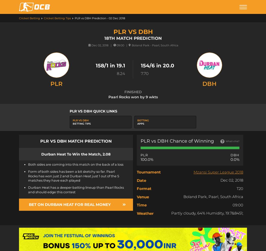  I want to click on 'T20', so click(239, 188).